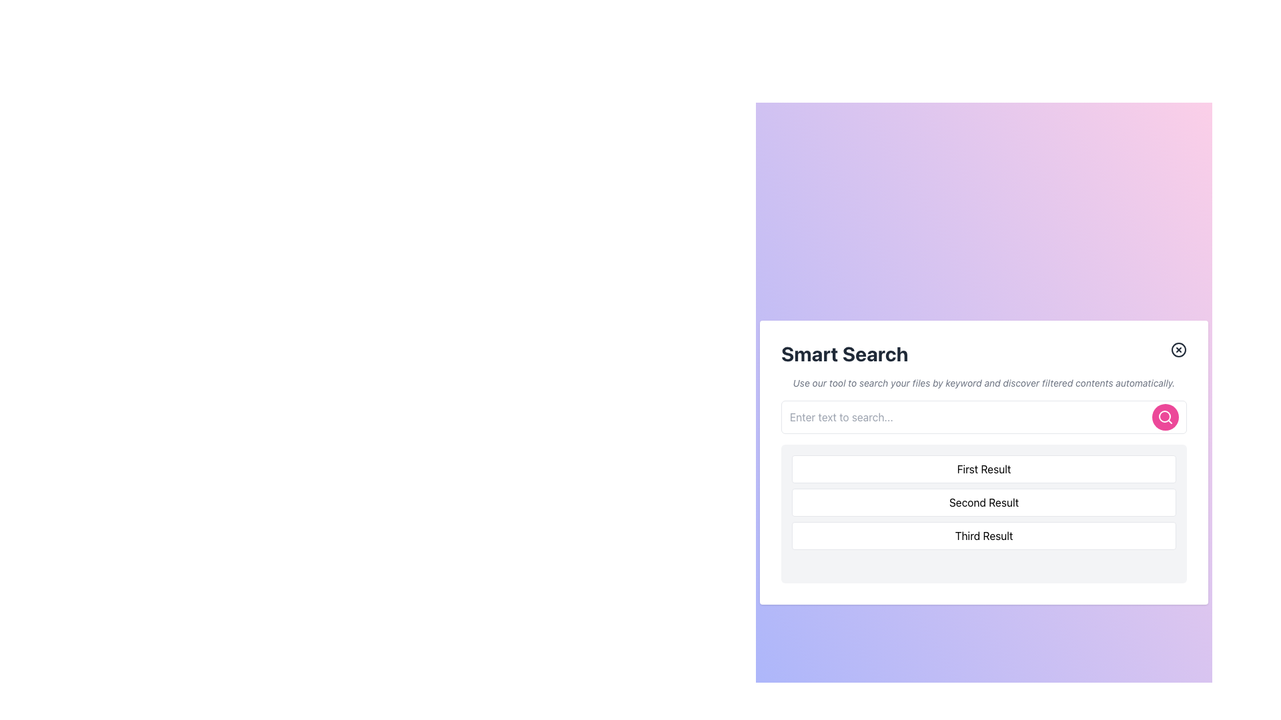 This screenshot has width=1281, height=720. What do you see at coordinates (1165, 416) in the screenshot?
I see `the search icon represented by a white magnifying glass on a pink circular background` at bounding box center [1165, 416].